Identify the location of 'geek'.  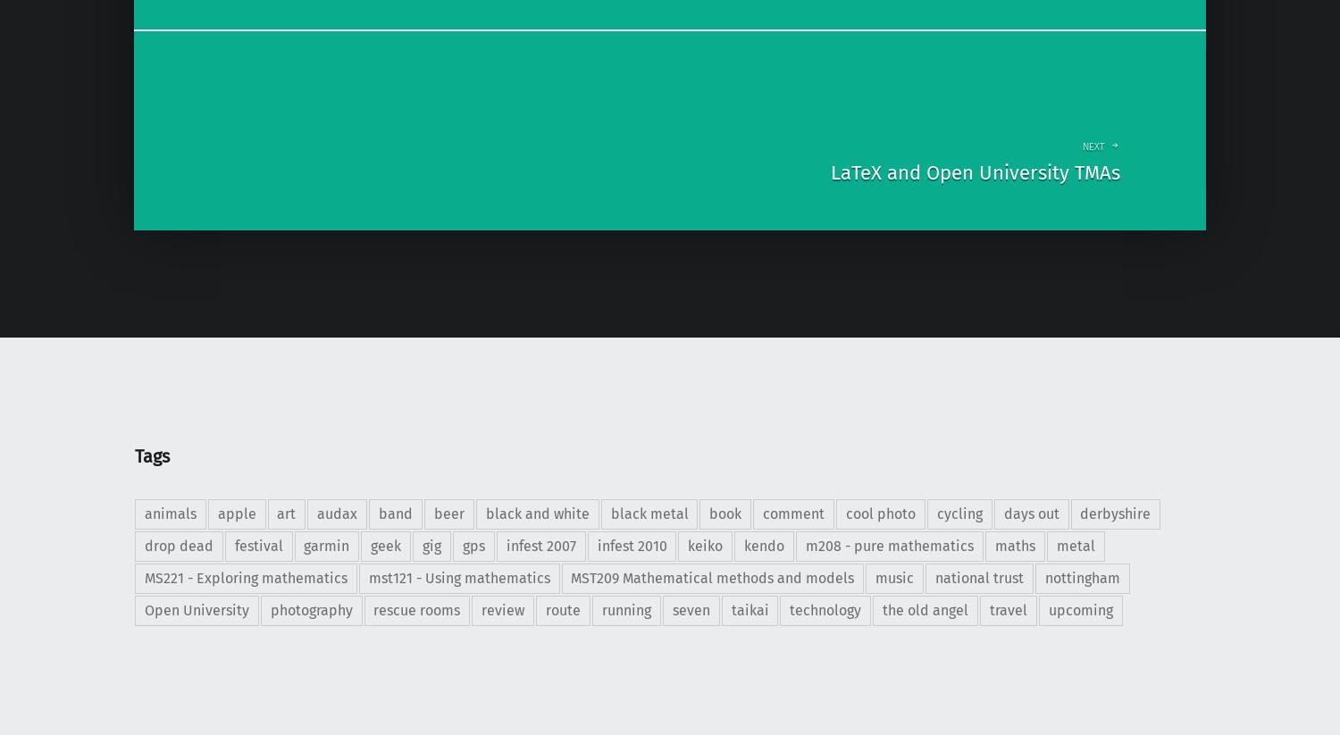
(385, 545).